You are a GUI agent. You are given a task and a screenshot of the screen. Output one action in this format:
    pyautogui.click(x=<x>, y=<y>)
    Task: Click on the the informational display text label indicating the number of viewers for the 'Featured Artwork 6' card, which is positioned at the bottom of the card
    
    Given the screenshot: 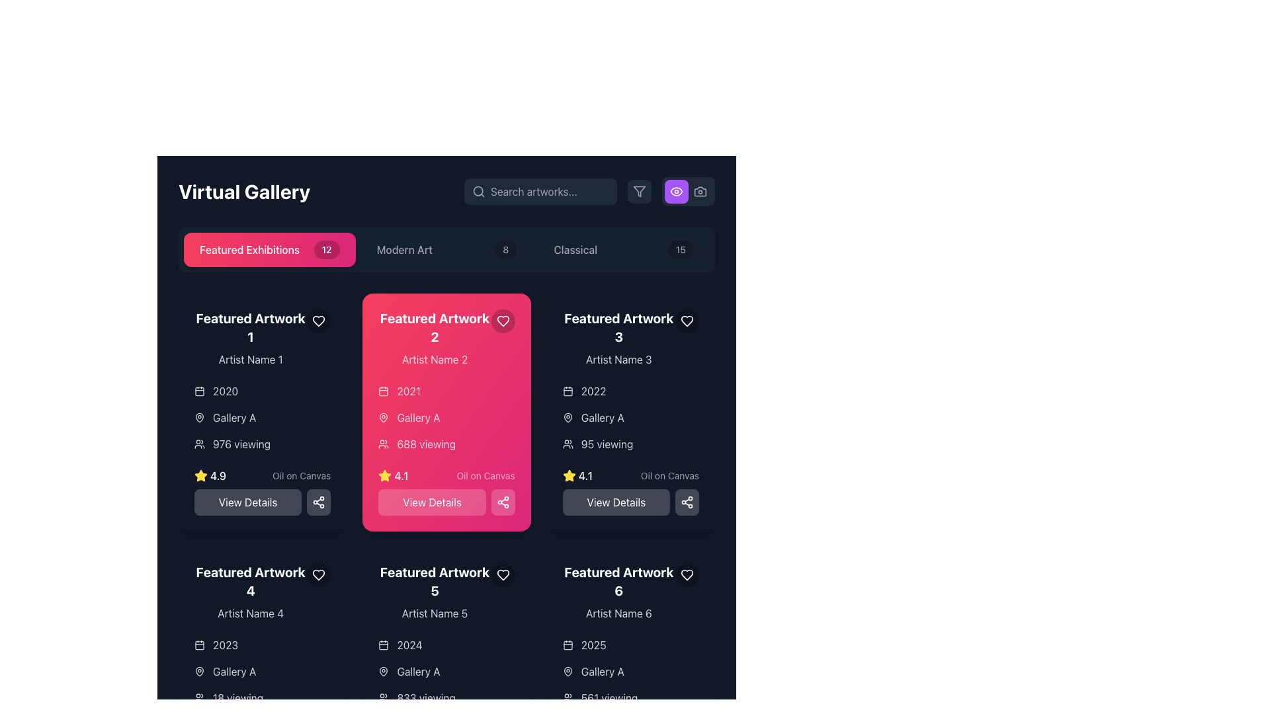 What is the action you would take?
    pyautogui.click(x=609, y=697)
    